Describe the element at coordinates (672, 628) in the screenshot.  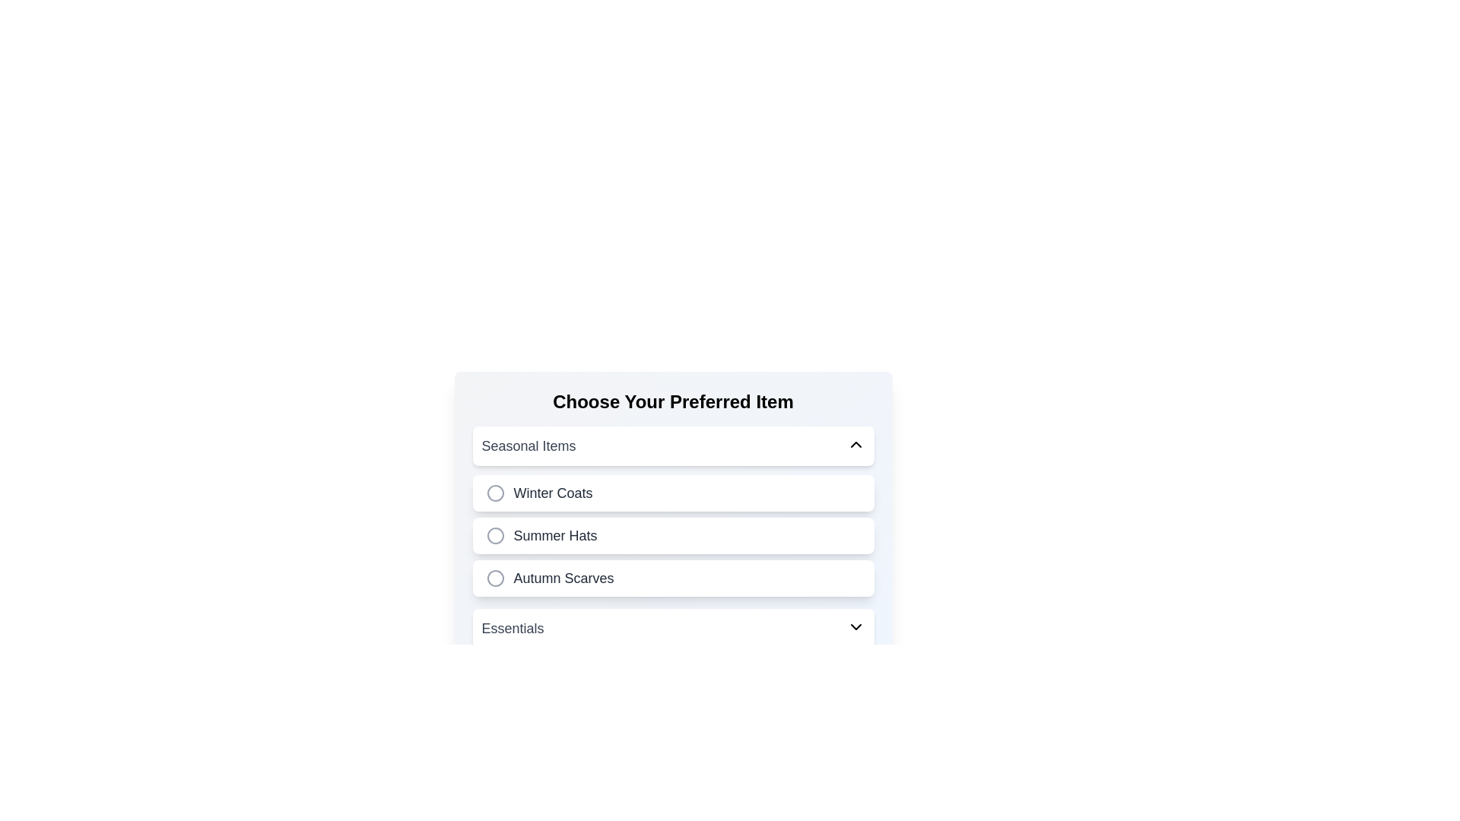
I see `the dropdown arrow on the 'Essentials' card-like component` at that location.